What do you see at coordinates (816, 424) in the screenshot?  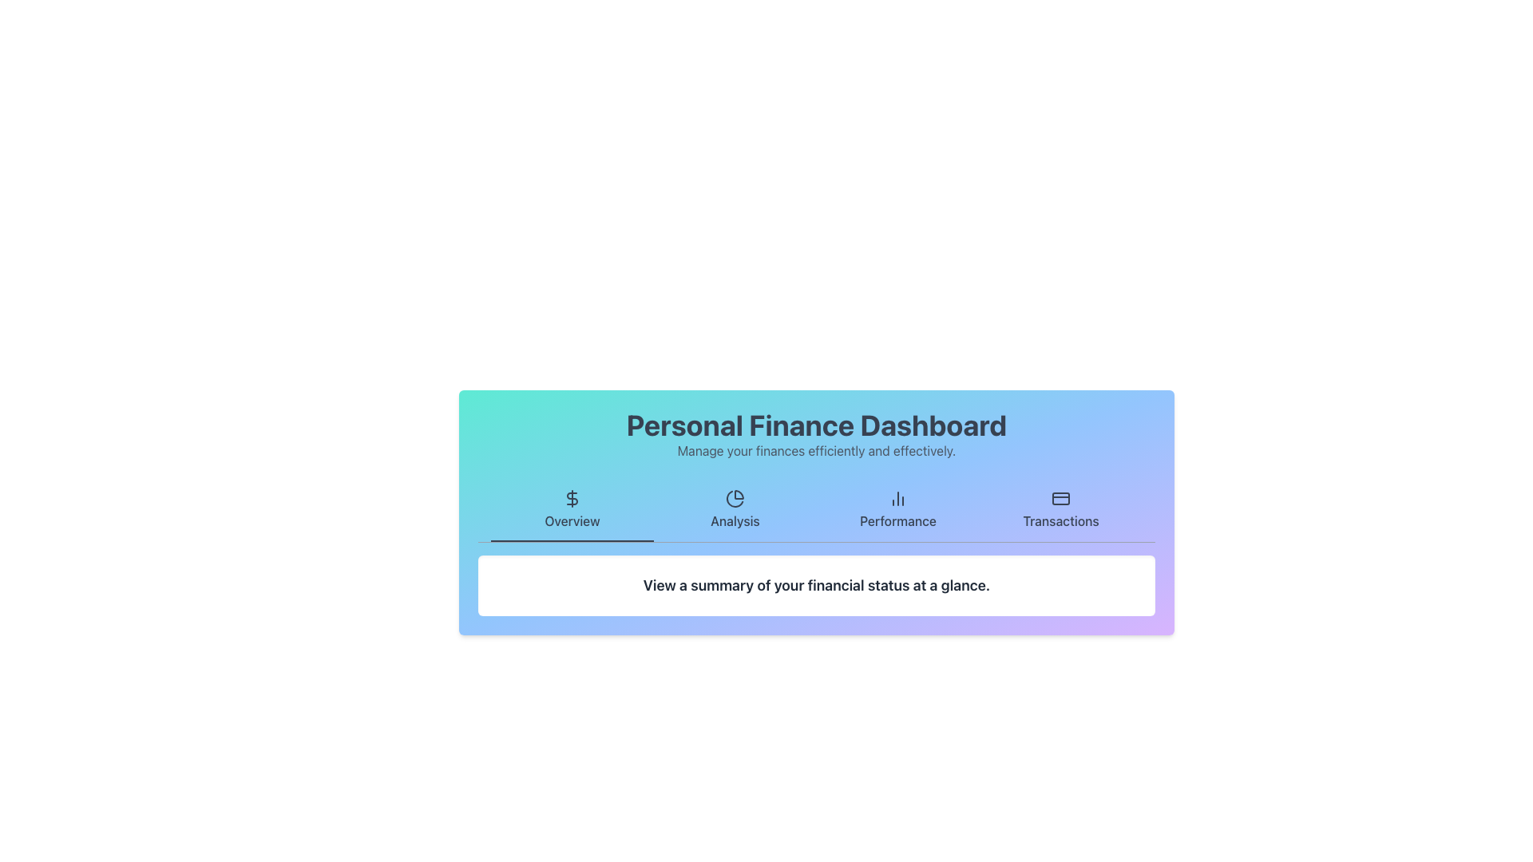 I see `text displayed in the 'Personal Finance Dashboard' header, which is prominently styled in large, bold gray font and positioned above the navigation bar` at bounding box center [816, 424].